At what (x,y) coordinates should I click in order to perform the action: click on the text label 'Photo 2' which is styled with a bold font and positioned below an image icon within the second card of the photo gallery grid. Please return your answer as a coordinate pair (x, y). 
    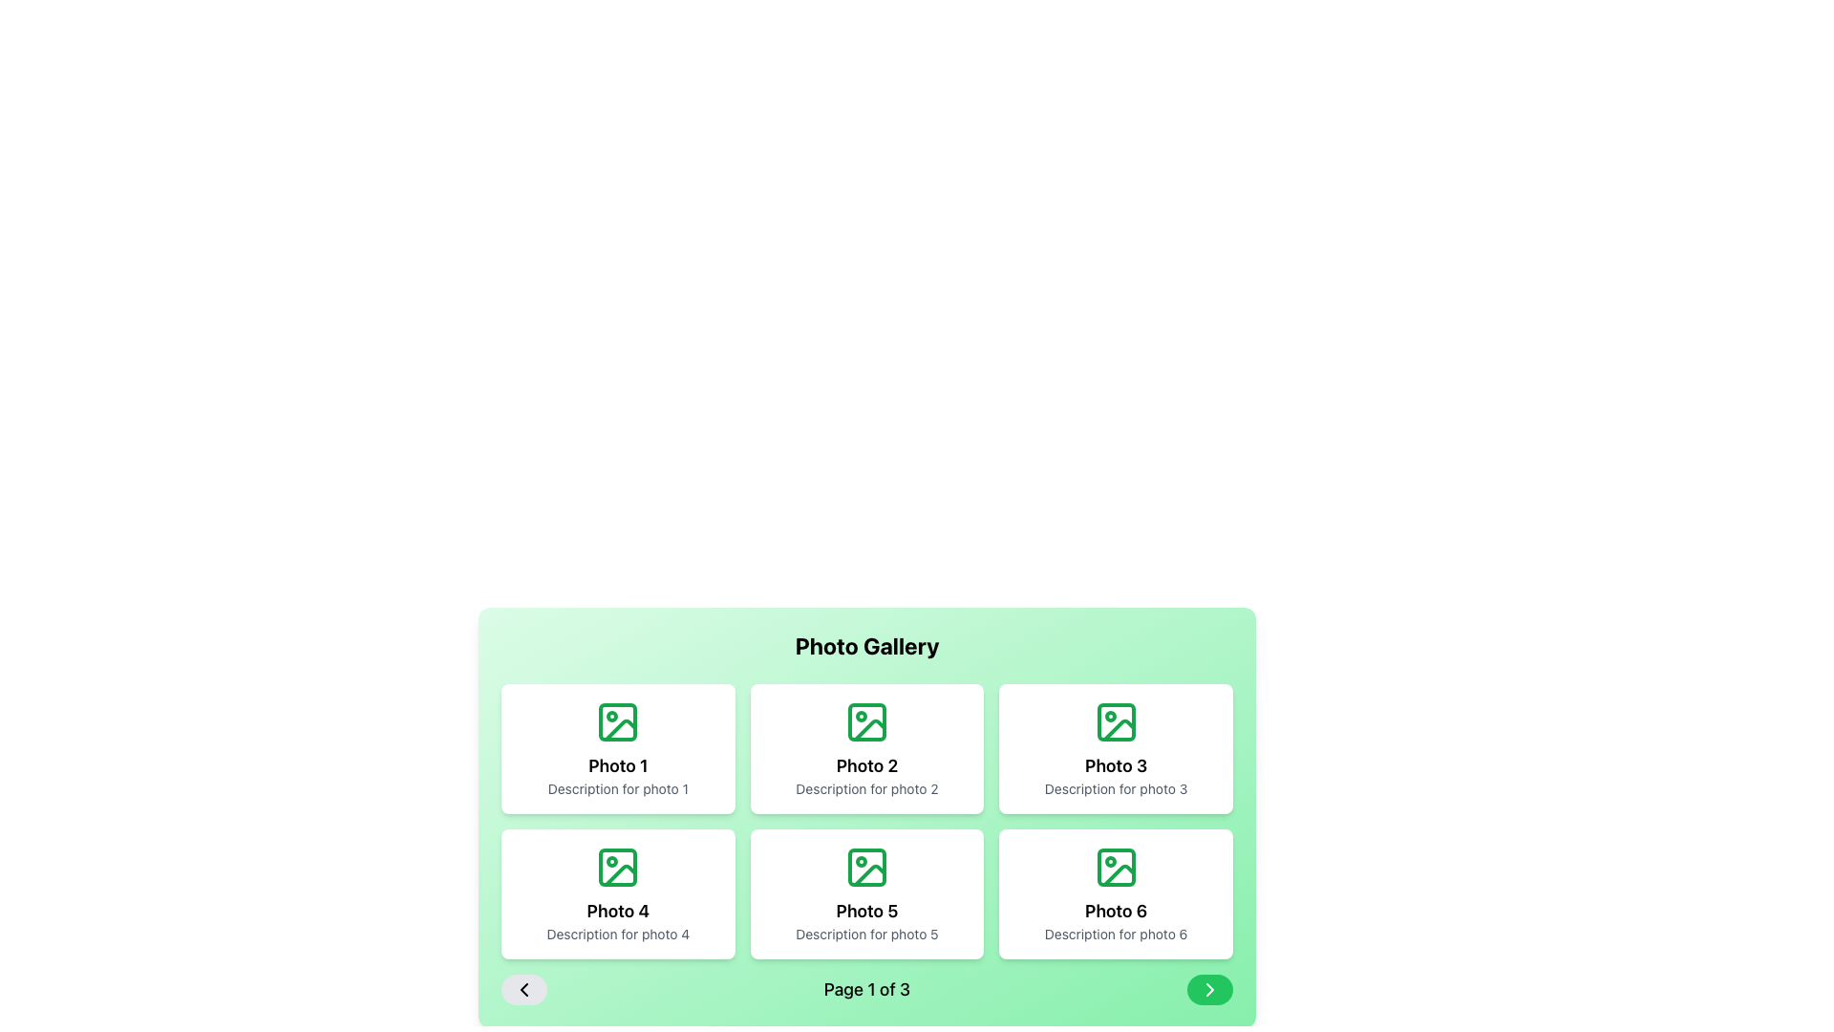
    Looking at the image, I should click on (865, 765).